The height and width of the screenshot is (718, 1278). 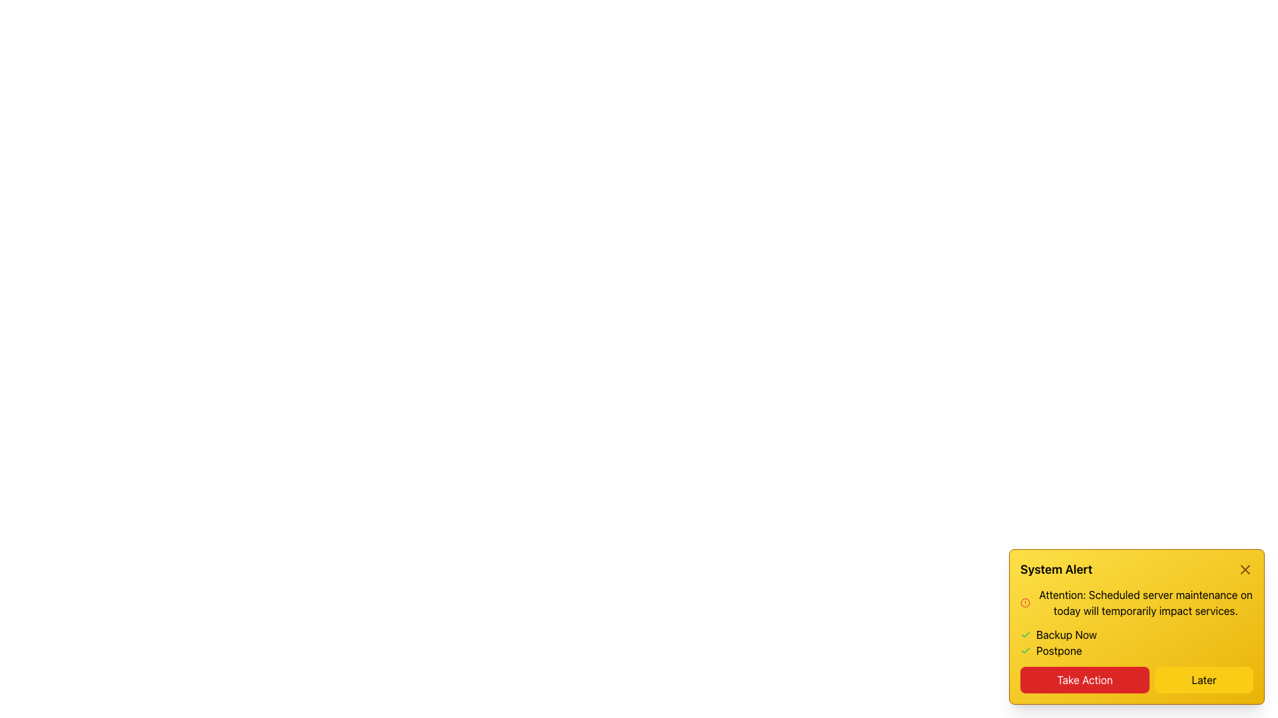 I want to click on the small green check mark icon indicating a completed action, located to the left of the 'Backup Now' text within a yellow notification box, so click(x=1024, y=634).